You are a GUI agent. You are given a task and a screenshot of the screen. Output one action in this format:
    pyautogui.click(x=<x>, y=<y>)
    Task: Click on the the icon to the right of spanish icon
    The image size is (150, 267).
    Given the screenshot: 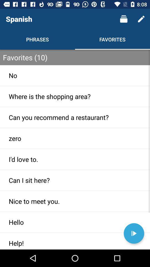 What is the action you would take?
    pyautogui.click(x=124, y=19)
    